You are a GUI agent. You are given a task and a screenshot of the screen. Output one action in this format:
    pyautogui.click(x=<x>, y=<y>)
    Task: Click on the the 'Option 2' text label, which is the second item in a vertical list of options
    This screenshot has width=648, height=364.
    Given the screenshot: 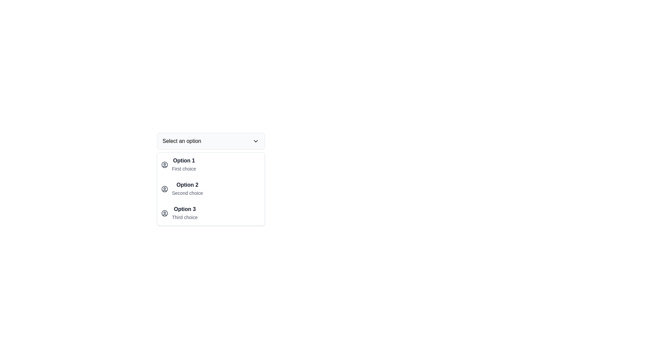 What is the action you would take?
    pyautogui.click(x=187, y=189)
    